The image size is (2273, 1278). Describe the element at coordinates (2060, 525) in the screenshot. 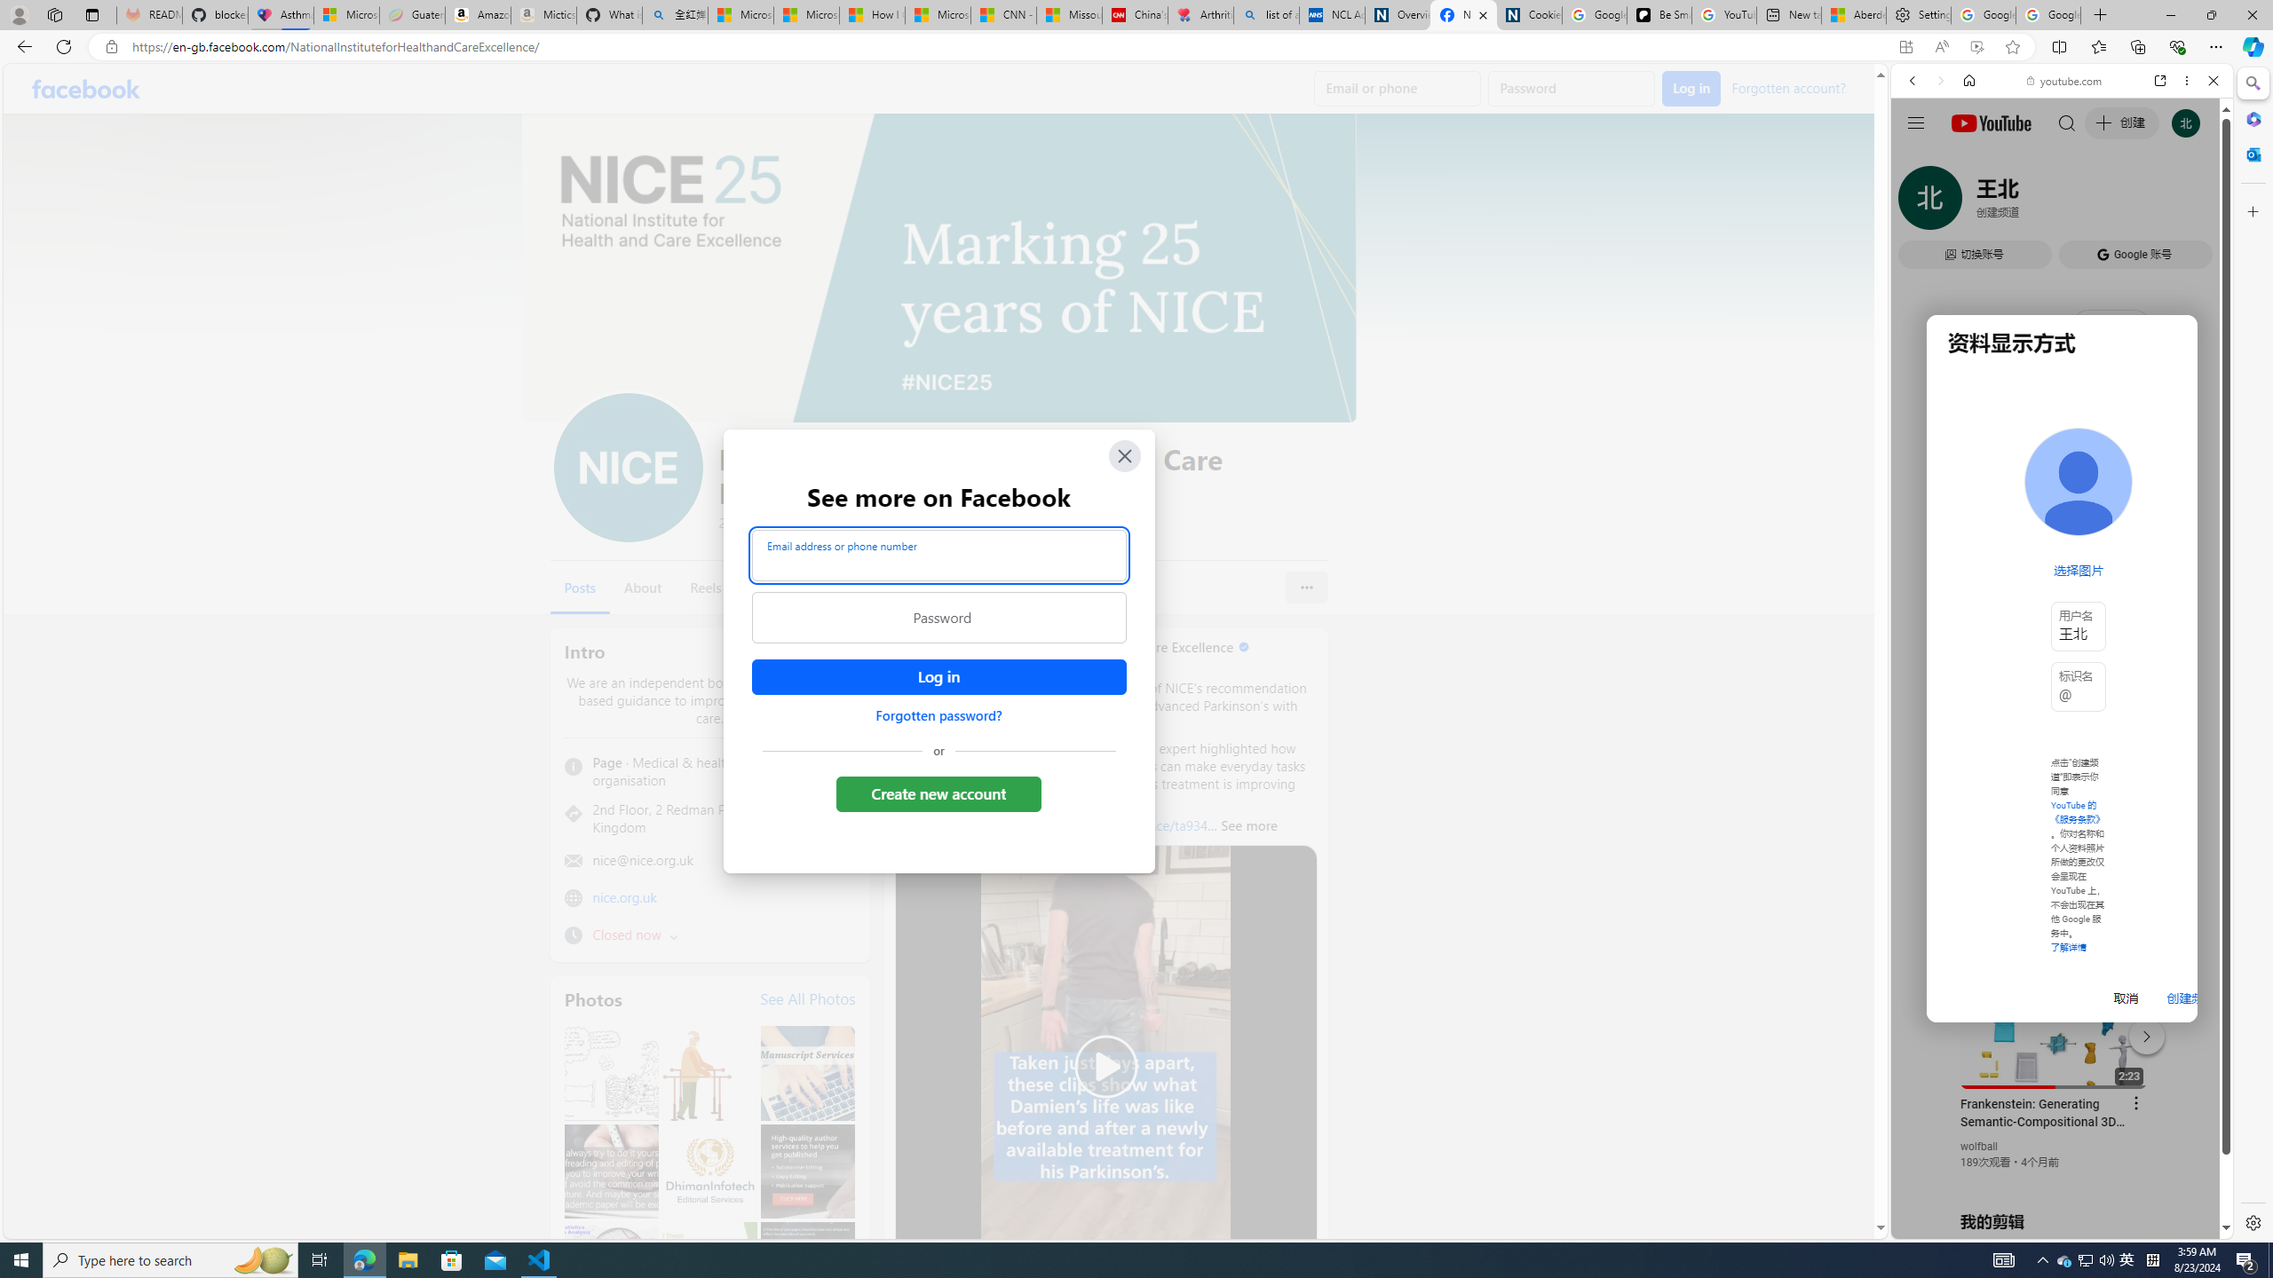

I see `'Trailer #2 [HD]'` at that location.